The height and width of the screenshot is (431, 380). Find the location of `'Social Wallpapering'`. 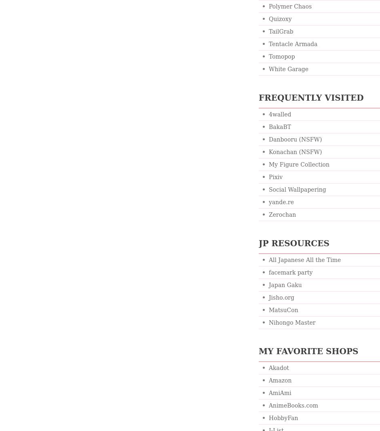

'Social Wallpapering' is located at coordinates (297, 190).